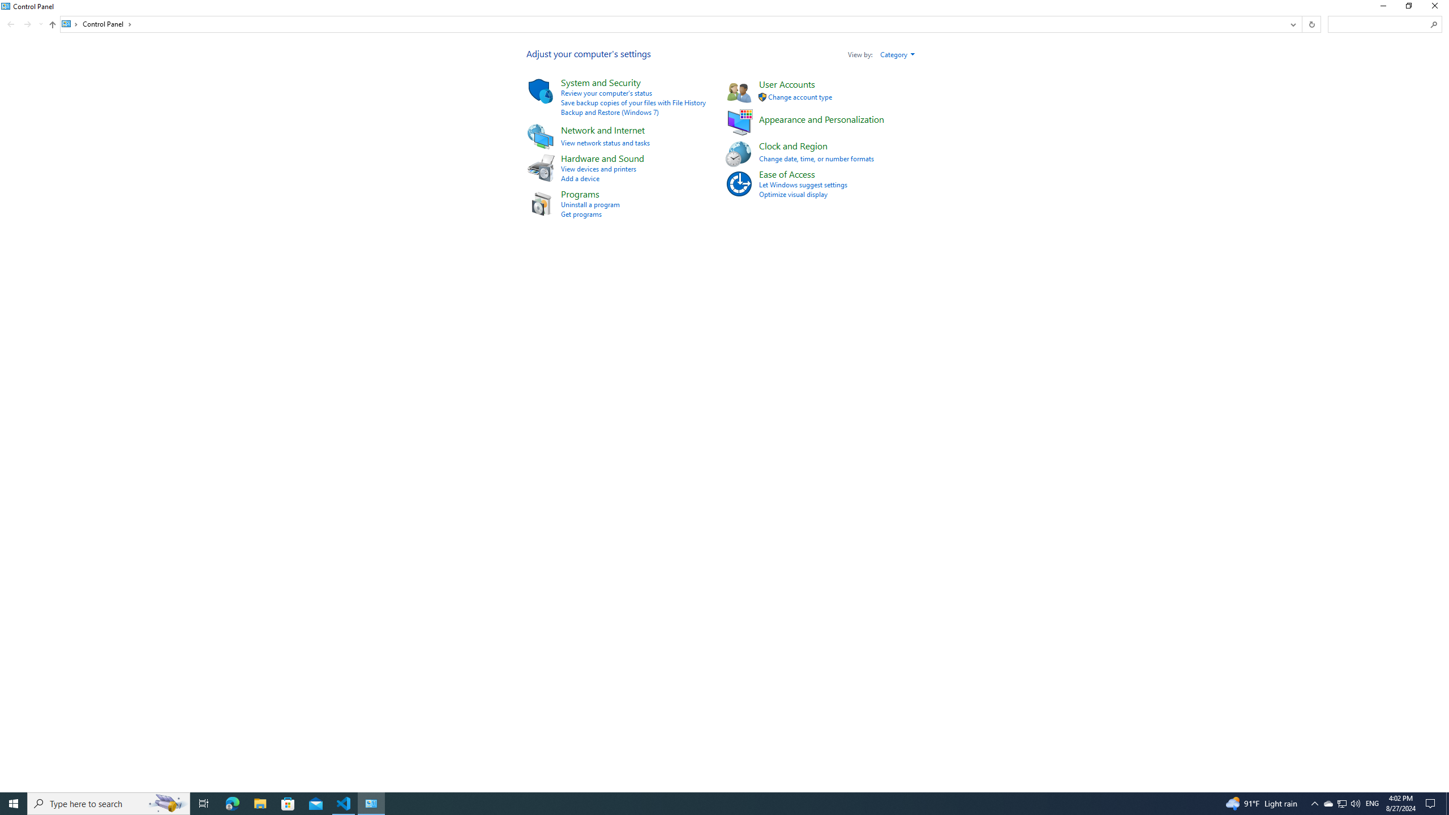  I want to click on 'Optimize visual display', so click(793, 194).